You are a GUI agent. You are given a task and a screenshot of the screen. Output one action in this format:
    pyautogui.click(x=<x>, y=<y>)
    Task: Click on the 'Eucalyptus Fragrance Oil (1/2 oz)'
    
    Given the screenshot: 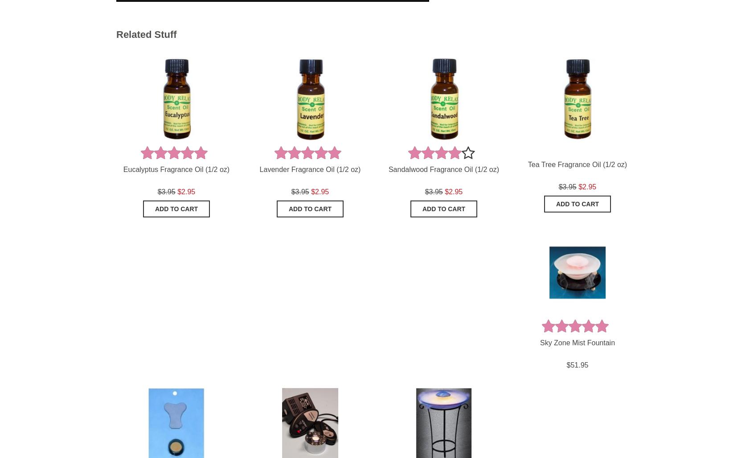 What is the action you would take?
    pyautogui.click(x=176, y=168)
    